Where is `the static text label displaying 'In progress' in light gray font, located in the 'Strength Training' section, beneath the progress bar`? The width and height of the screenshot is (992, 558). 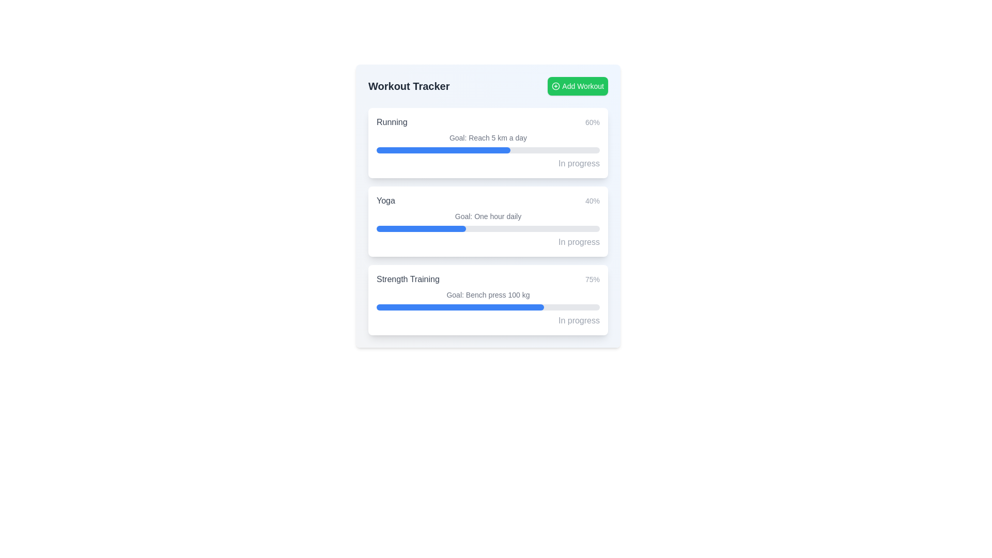
the static text label displaying 'In progress' in light gray font, located in the 'Strength Training' section, beneath the progress bar is located at coordinates (579, 320).